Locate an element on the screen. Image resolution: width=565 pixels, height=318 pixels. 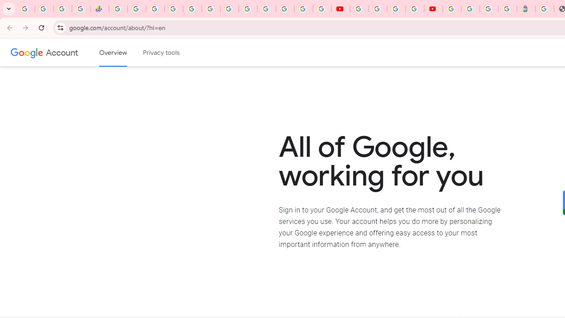
'Google logo' is located at coordinates (27, 52).